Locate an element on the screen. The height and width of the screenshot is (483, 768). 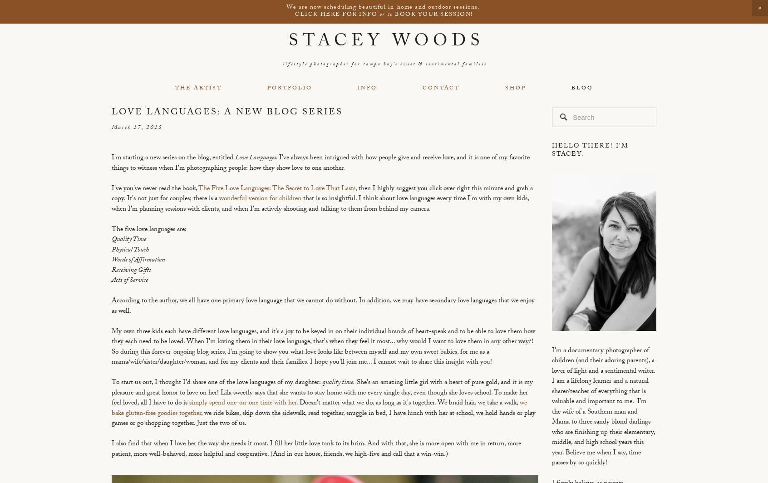
'wonderful version for children' is located at coordinates (219, 199).